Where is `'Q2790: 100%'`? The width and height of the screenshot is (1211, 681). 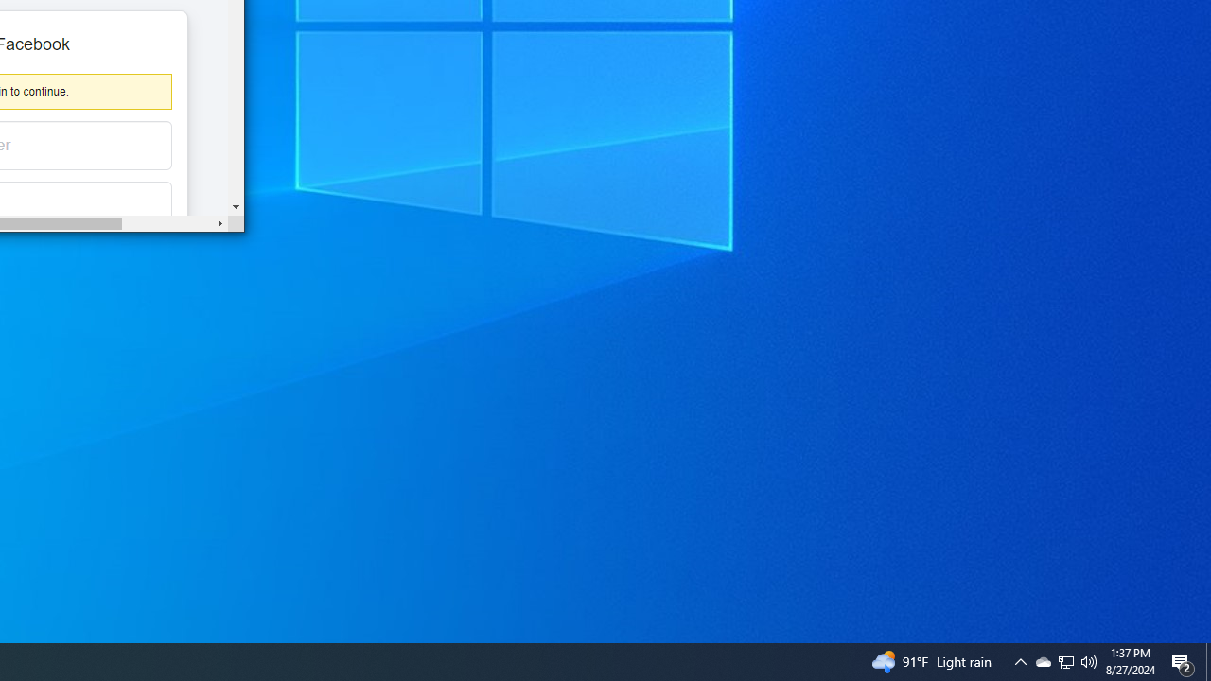
'Q2790: 100%' is located at coordinates (1089, 660).